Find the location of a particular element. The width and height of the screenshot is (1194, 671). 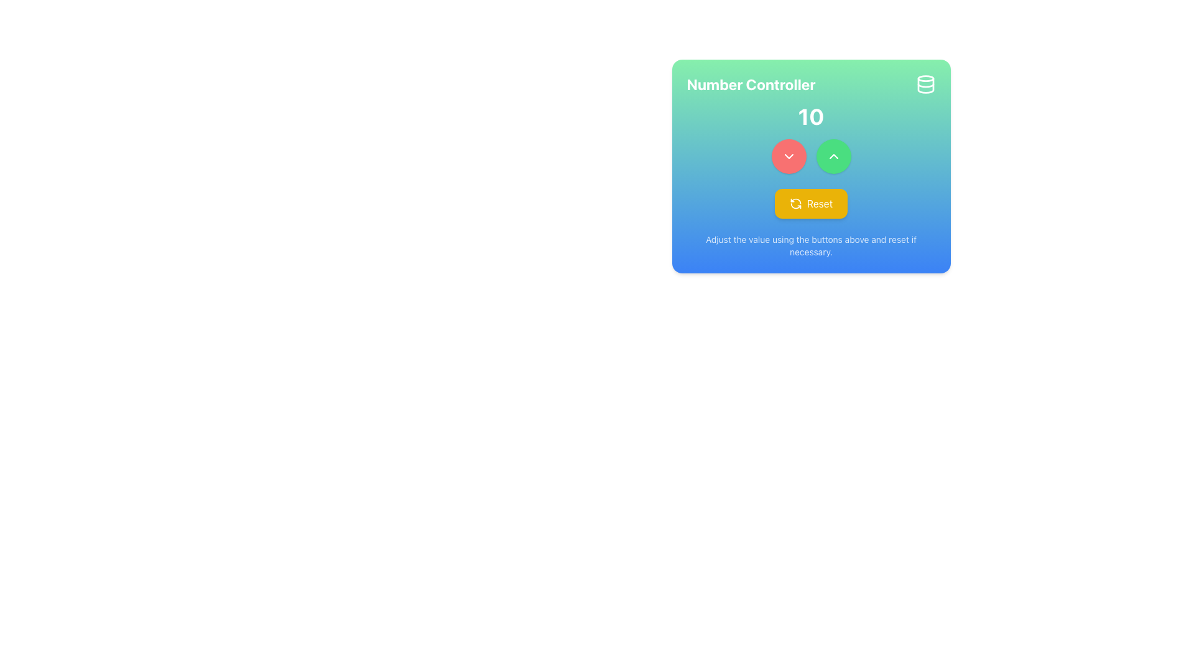

the middle elliptical disk of the database icon located in the top-right corner of the interface, which features a white stroked outline on a gradient background is located at coordinates (925, 85).